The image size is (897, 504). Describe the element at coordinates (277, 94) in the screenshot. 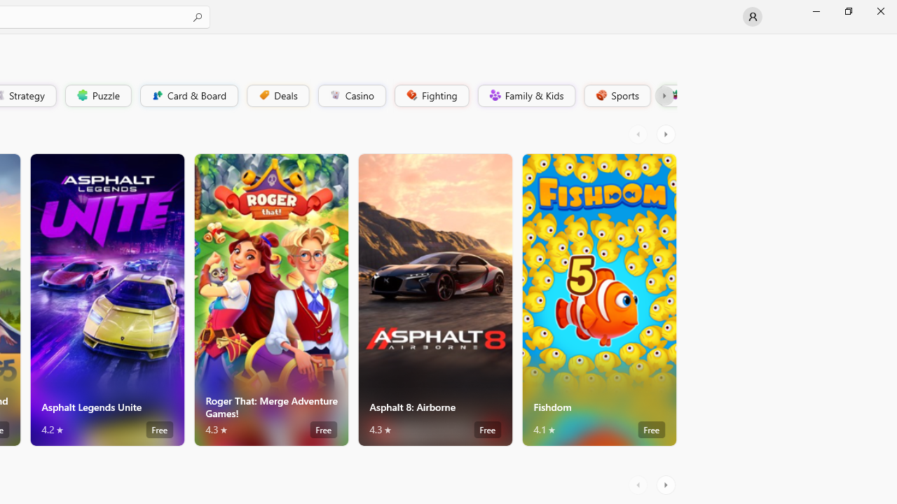

I see `'Deals'` at that location.